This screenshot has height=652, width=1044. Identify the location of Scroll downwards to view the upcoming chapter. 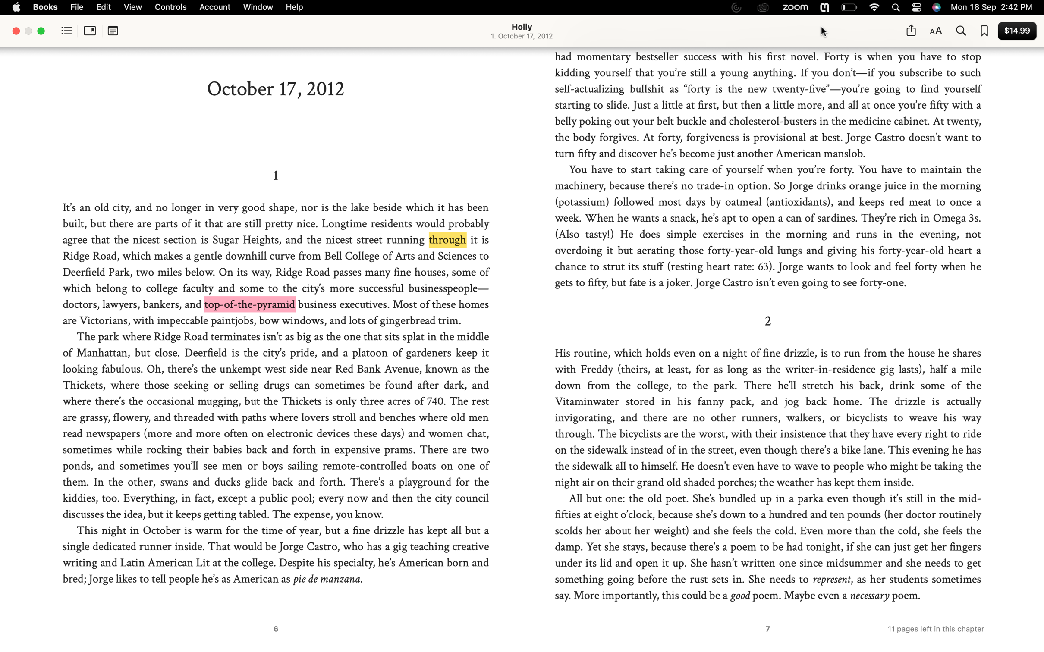
(217674, 65526).